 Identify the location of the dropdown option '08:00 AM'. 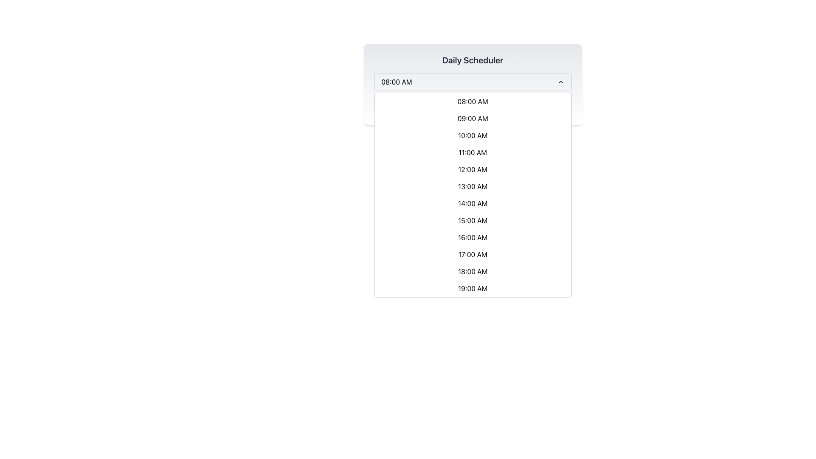
(472, 106).